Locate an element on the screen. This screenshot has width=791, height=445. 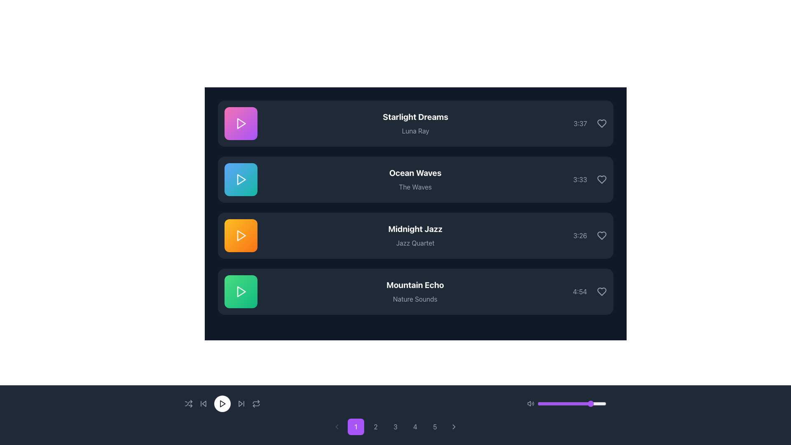
the heart-shaped icon outlined in gray located to the far right of the first row, next to the time '3:37' for the item titled 'Starlight Dreams' to mark it as favorite is located at coordinates (601, 124).